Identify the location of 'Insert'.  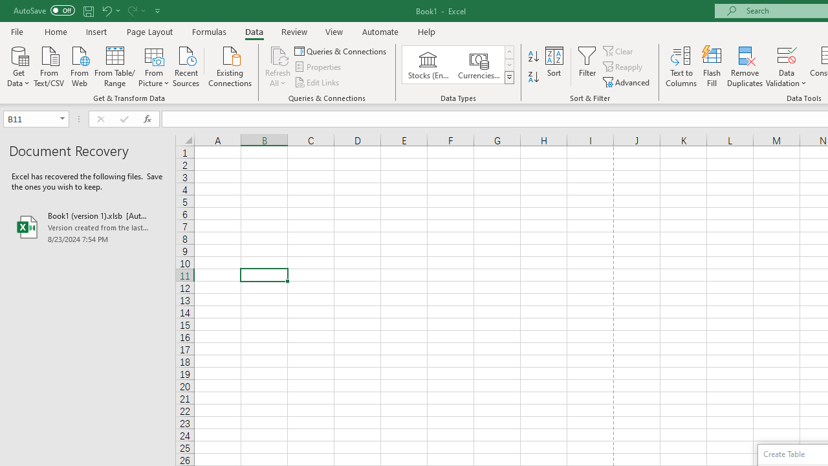
(96, 31).